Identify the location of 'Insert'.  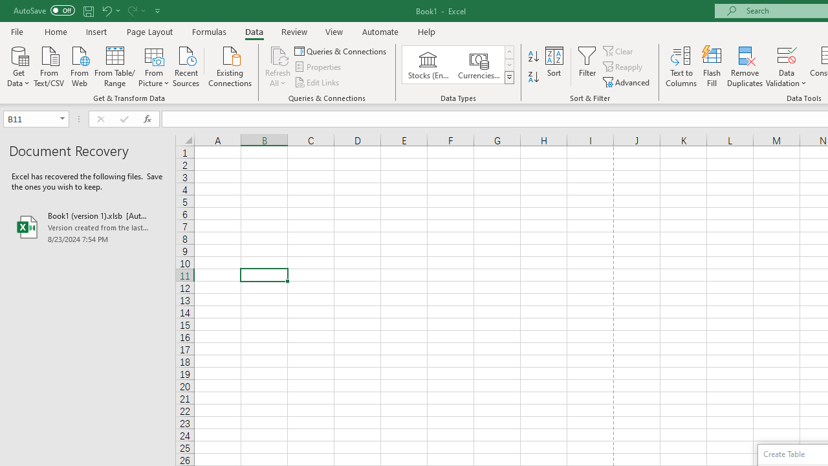
(96, 31).